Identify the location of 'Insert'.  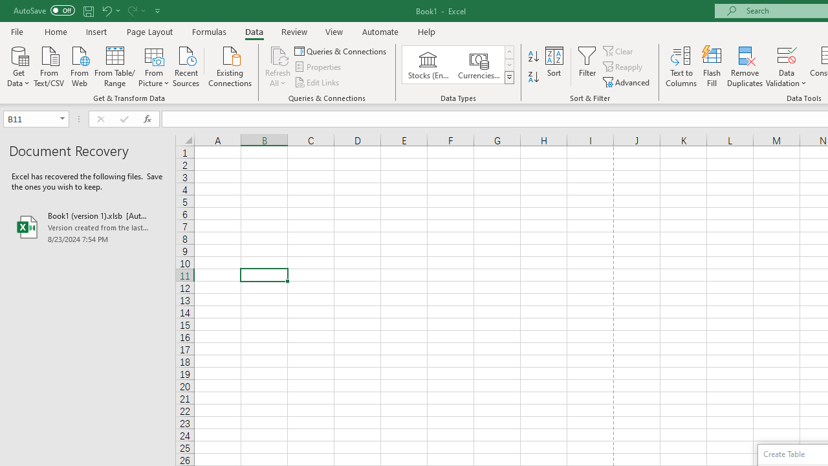
(96, 31).